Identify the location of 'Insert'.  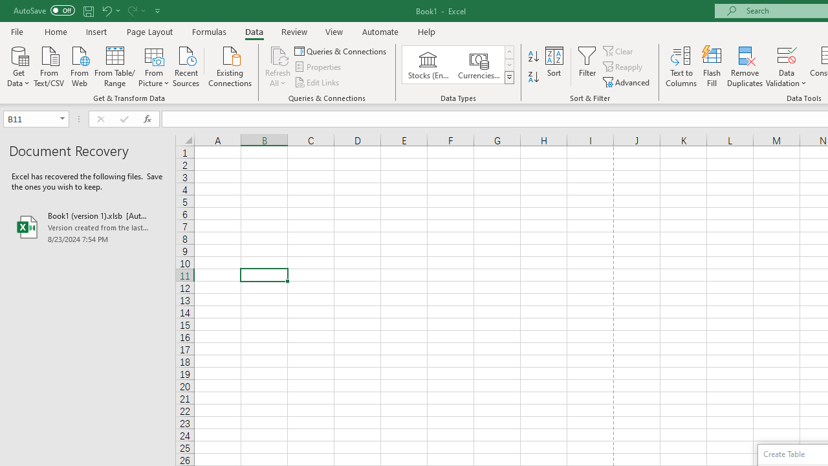
(96, 31).